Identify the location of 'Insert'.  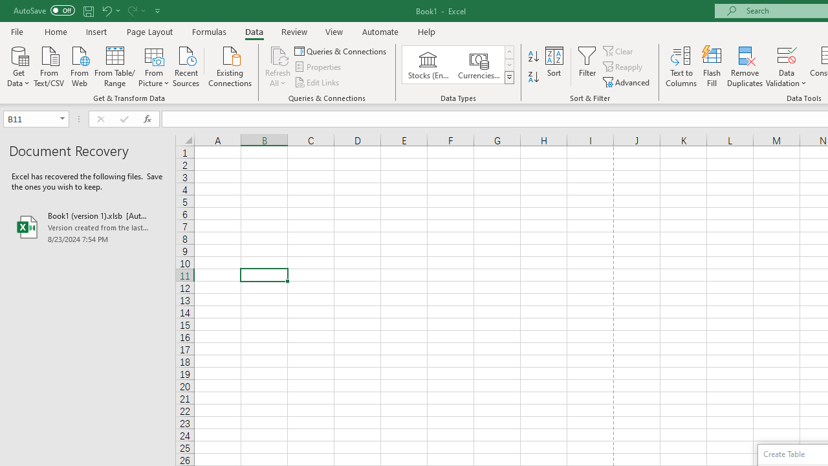
(96, 31).